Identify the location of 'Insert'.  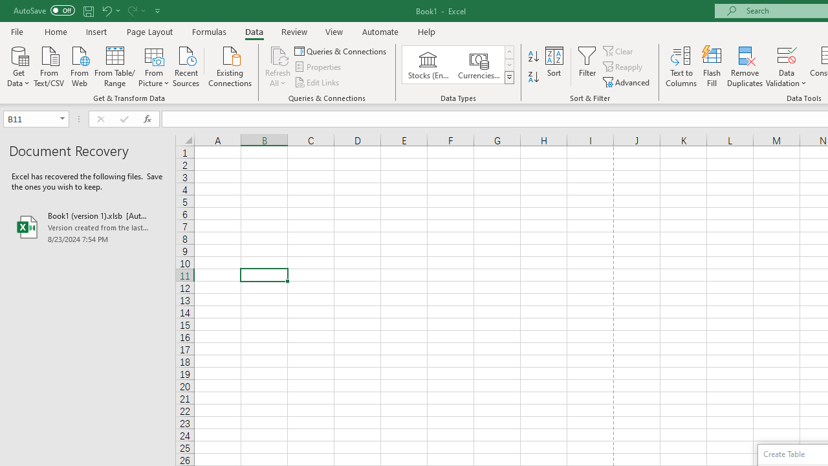
(96, 31).